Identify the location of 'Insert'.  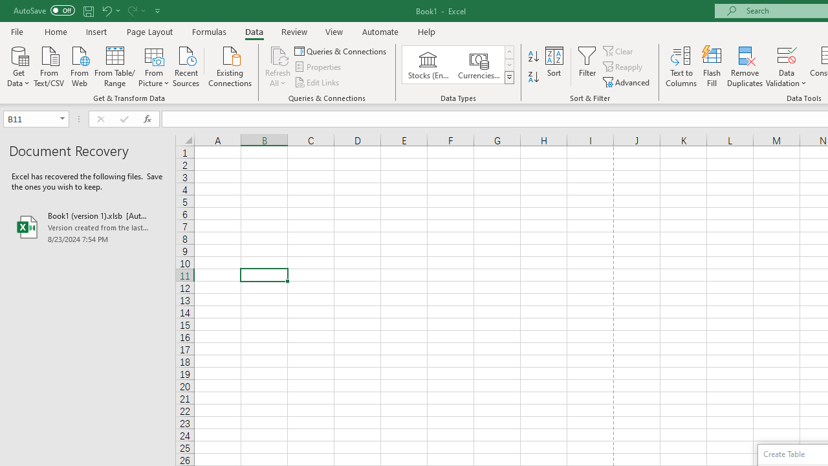
(96, 31).